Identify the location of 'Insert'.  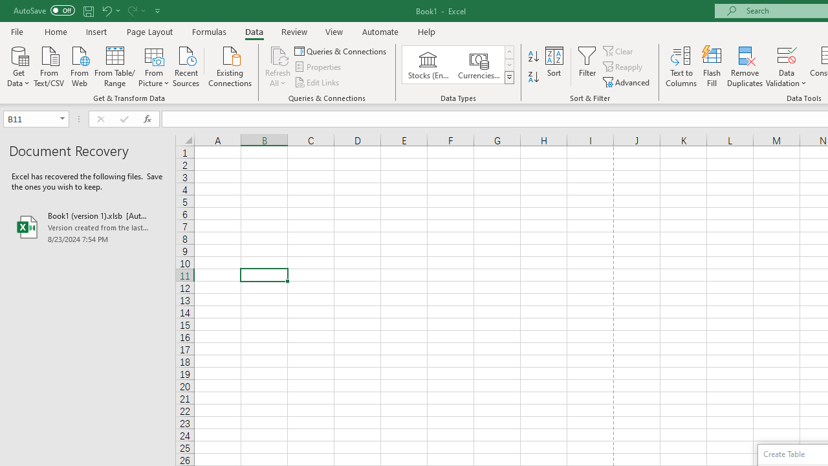
(96, 31).